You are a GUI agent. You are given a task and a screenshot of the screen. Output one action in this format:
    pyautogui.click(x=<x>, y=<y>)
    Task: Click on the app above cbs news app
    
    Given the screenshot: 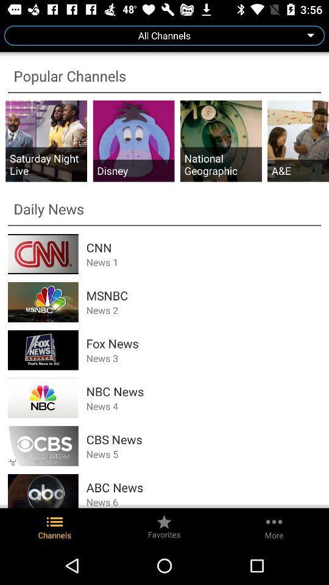 What is the action you would take?
    pyautogui.click(x=203, y=406)
    